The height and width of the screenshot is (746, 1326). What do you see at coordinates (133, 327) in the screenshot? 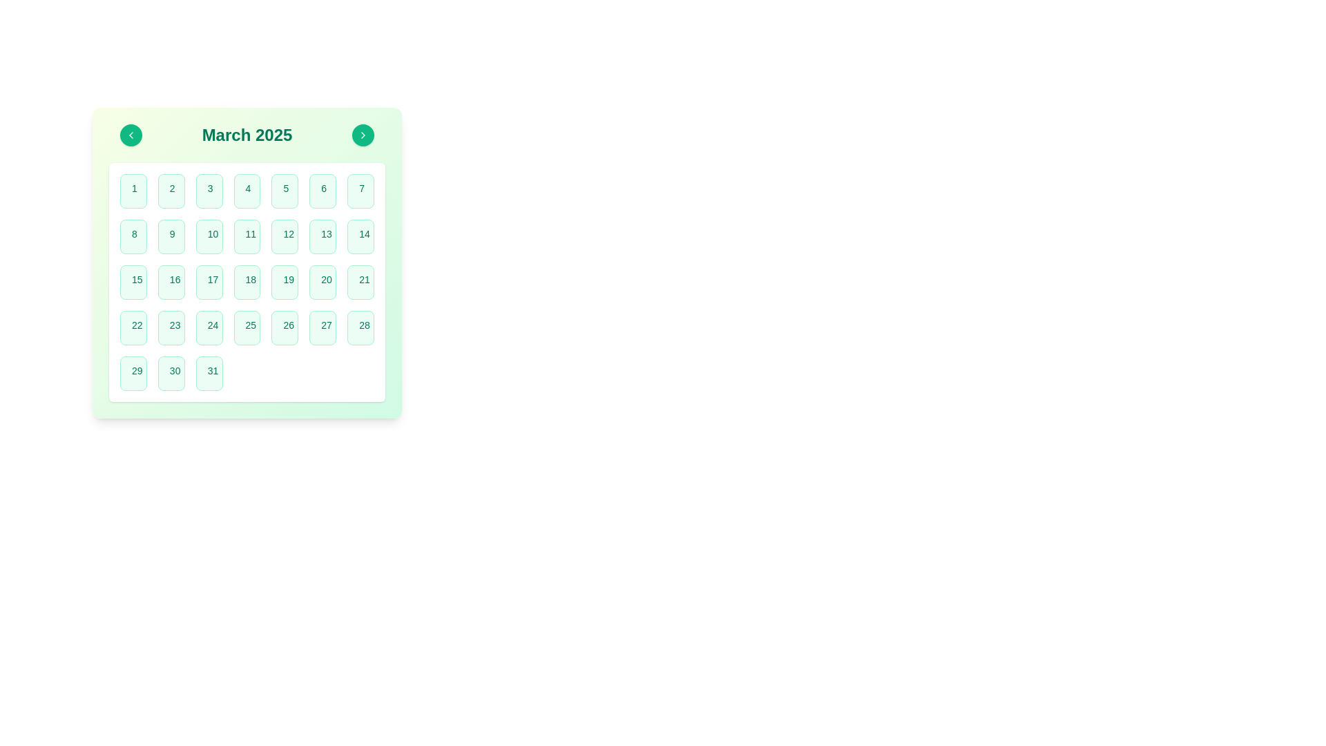
I see `the Interactive calendar date button displaying '22' with a light green background and a darker green border, located in the fourth row and first column of the calendar grid` at bounding box center [133, 327].